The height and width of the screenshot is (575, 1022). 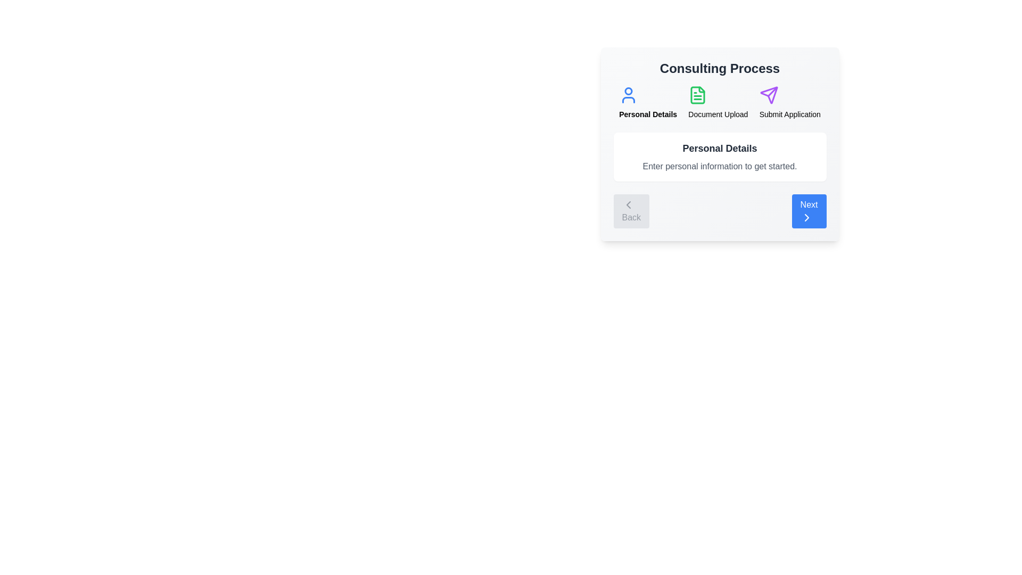 I want to click on the 'Back' button to navigate to the previous step, so click(x=631, y=211).